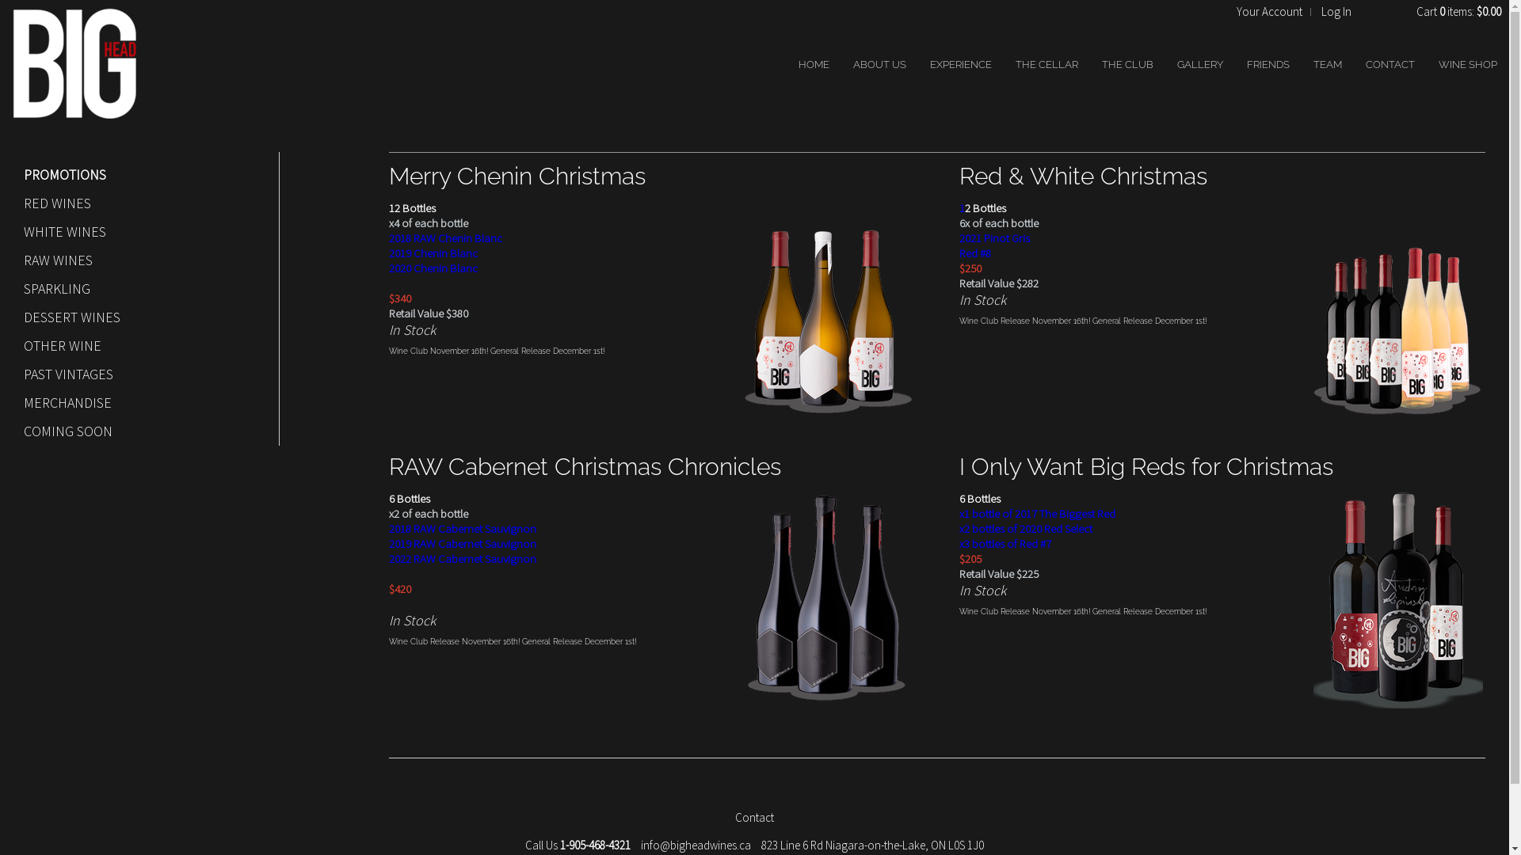  I want to click on '2019 RAW Cabernet Sauvignon', so click(462, 542).